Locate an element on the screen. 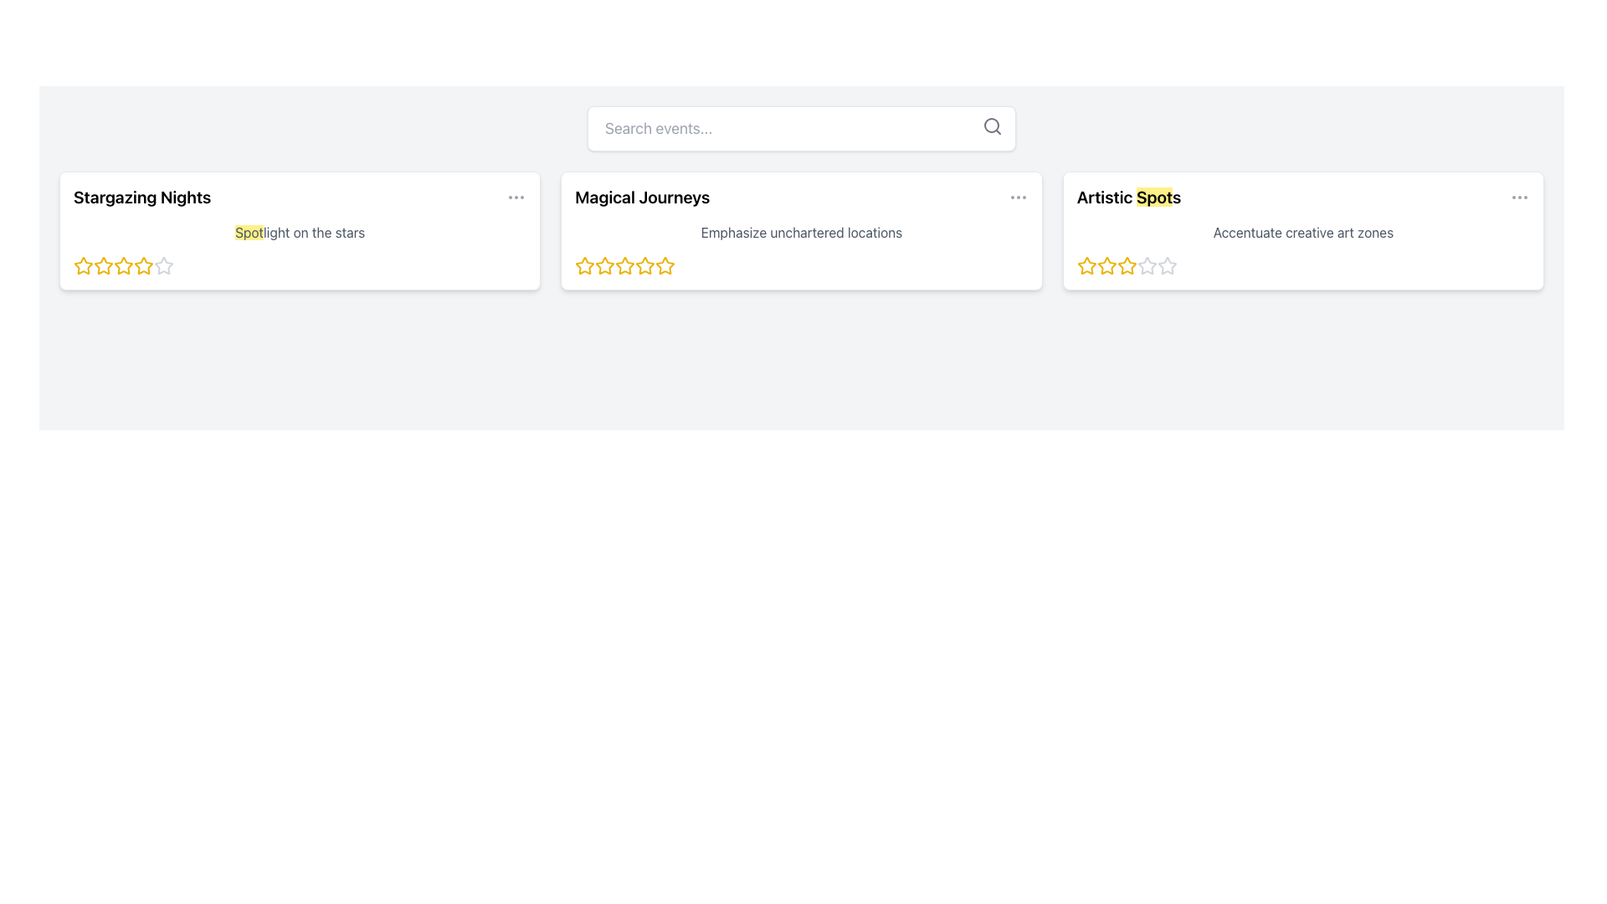 Image resolution: width=1607 pixels, height=904 pixels. text displaying 'Emphasize unchartered locations' located within the card titled 'Magical Journeys', positioned below the heading 'Magical Journeys' and above the star rating icons is located at coordinates (800, 232).